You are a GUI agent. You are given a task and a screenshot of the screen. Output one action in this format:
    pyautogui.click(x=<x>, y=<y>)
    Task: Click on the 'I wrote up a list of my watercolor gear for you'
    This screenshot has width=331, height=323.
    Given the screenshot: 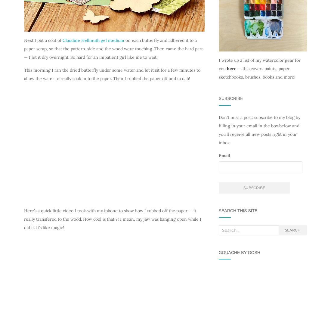 What is the action you would take?
    pyautogui.click(x=259, y=64)
    